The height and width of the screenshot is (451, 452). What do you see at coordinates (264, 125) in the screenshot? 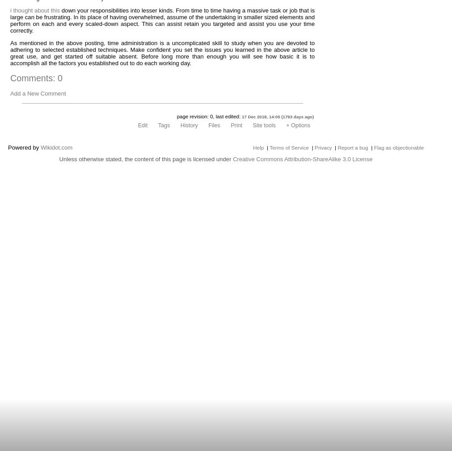
I see `'Site tools'` at bounding box center [264, 125].